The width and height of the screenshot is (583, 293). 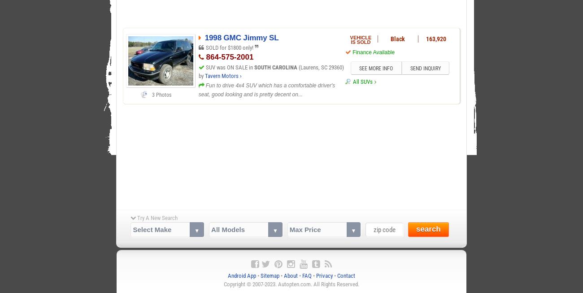 What do you see at coordinates (242, 275) in the screenshot?
I see `'Android App'` at bounding box center [242, 275].